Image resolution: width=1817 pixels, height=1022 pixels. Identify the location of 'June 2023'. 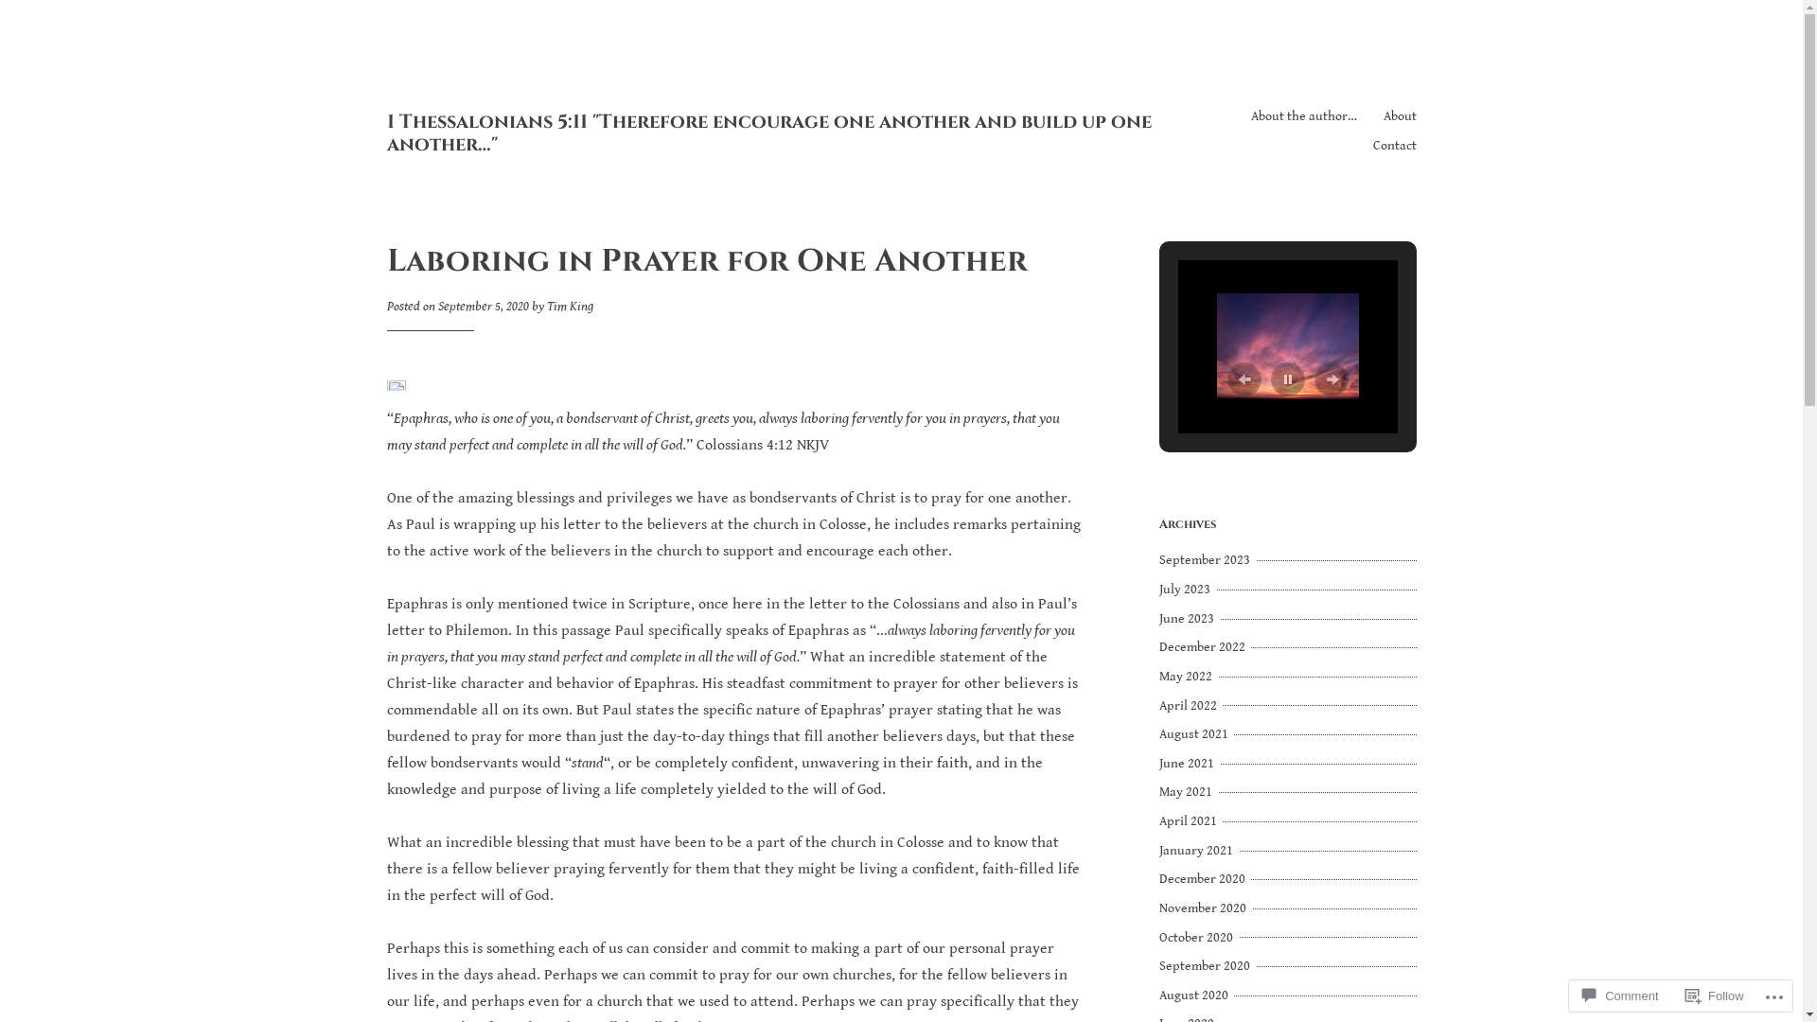
(1188, 619).